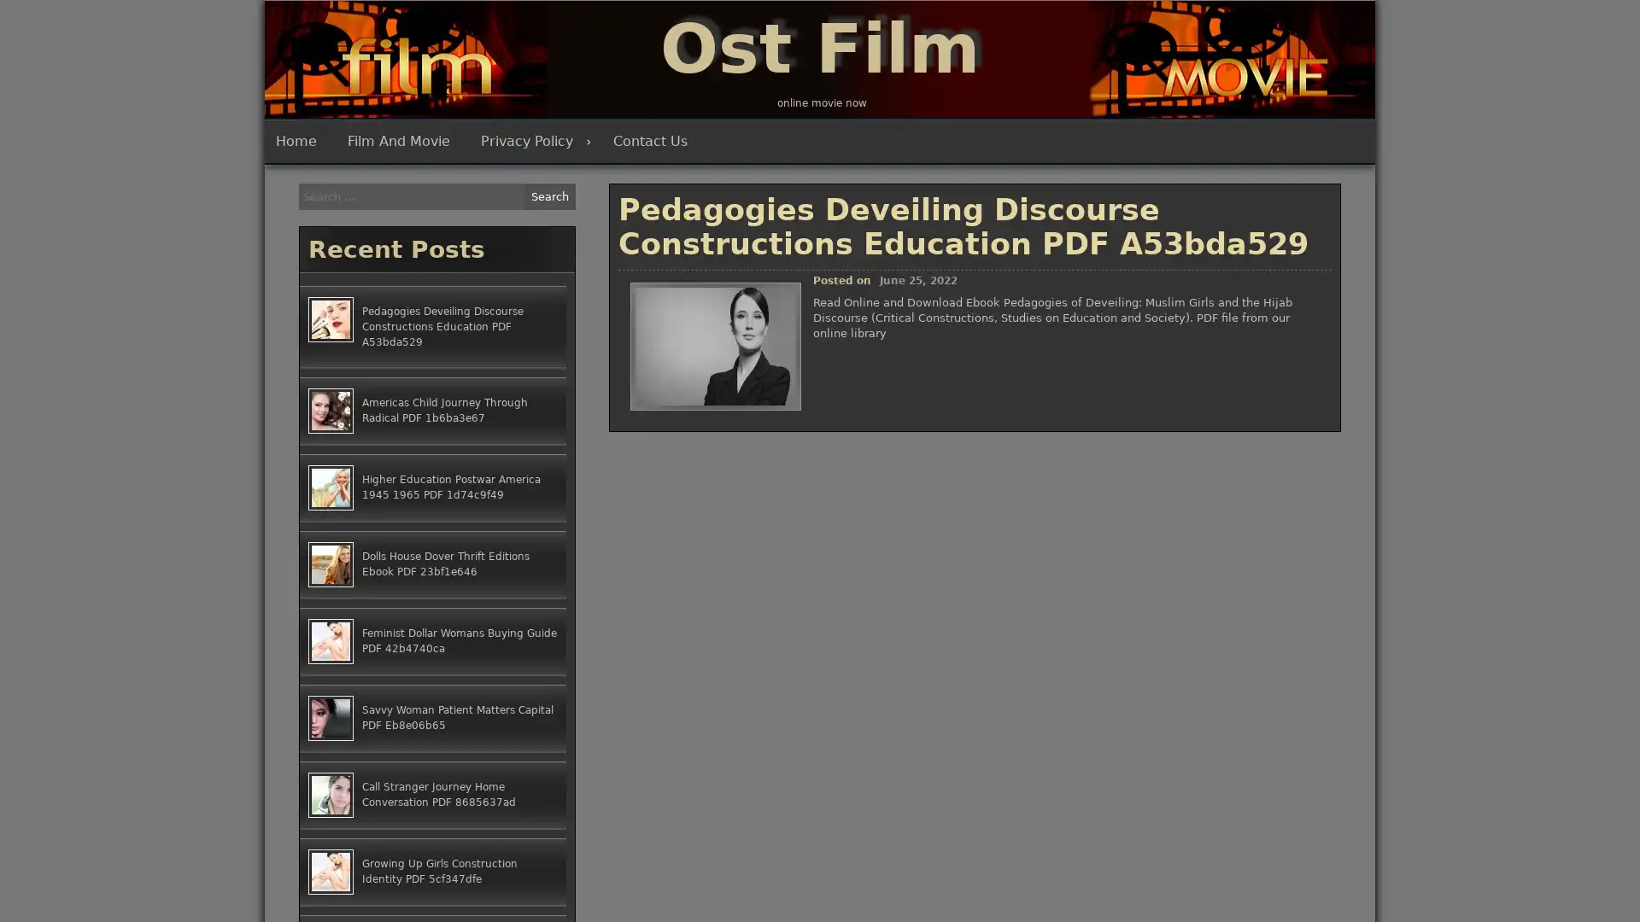  I want to click on Search, so click(549, 195).